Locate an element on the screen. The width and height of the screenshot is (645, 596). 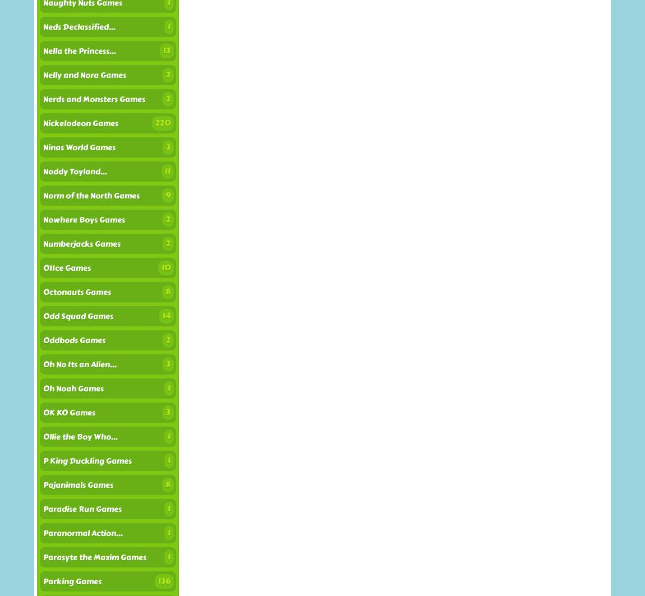
'Nella the Princess...' is located at coordinates (79, 51).